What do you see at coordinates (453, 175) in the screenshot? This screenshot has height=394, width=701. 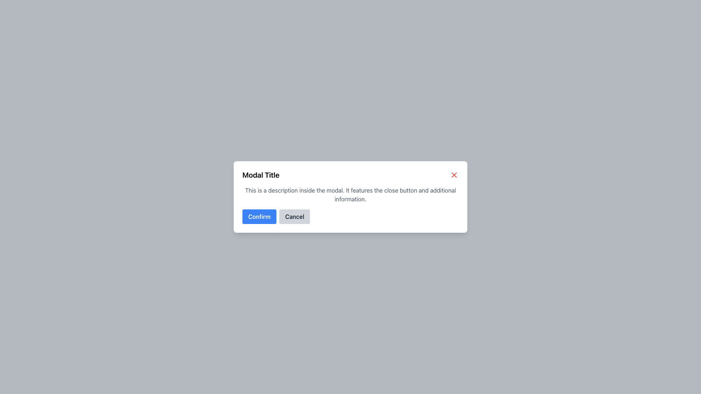 I see `the close button located in the top-right corner of the modal dialog header, adjacent to the 'Modal Title' text` at bounding box center [453, 175].